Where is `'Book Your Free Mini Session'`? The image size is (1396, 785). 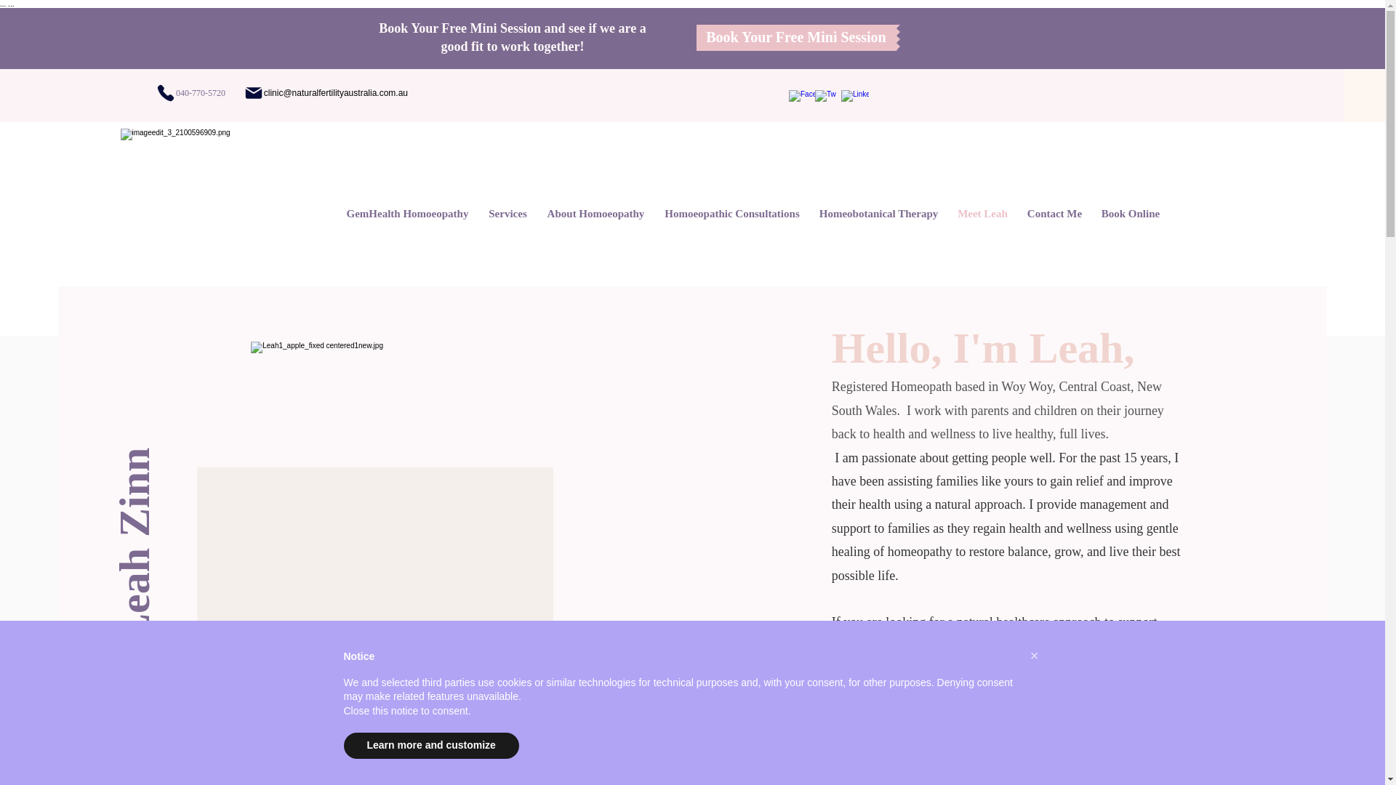 'Book Your Free Mini Session' is located at coordinates (795, 36).